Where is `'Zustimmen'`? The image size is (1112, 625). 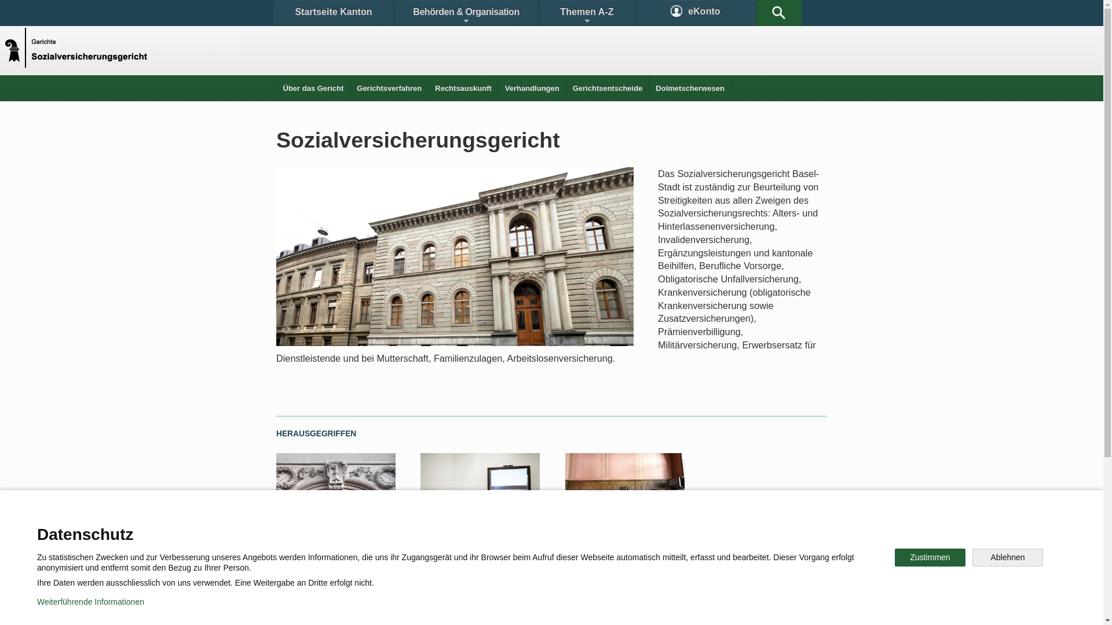 'Zustimmen' is located at coordinates (930, 557).